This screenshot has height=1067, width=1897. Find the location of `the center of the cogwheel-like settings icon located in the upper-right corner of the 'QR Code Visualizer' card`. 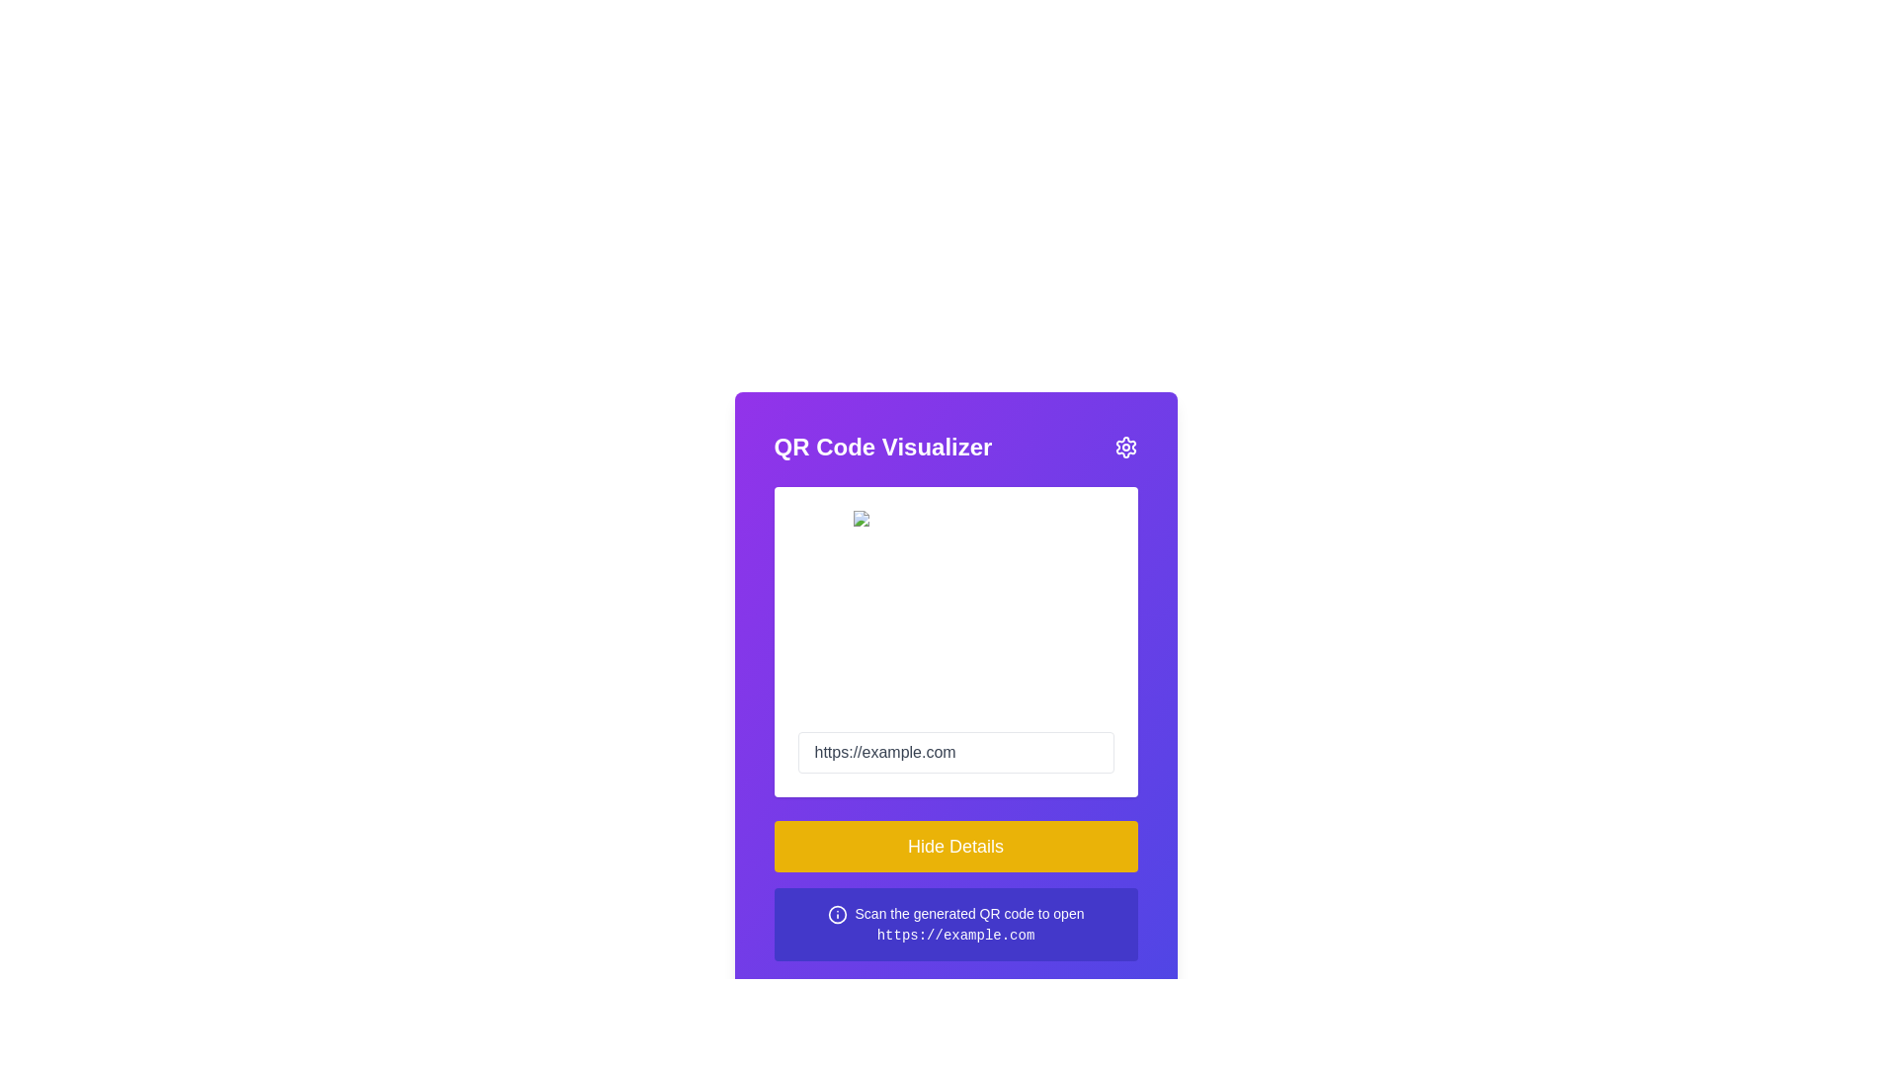

the center of the cogwheel-like settings icon located in the upper-right corner of the 'QR Code Visualizer' card is located at coordinates (1125, 447).